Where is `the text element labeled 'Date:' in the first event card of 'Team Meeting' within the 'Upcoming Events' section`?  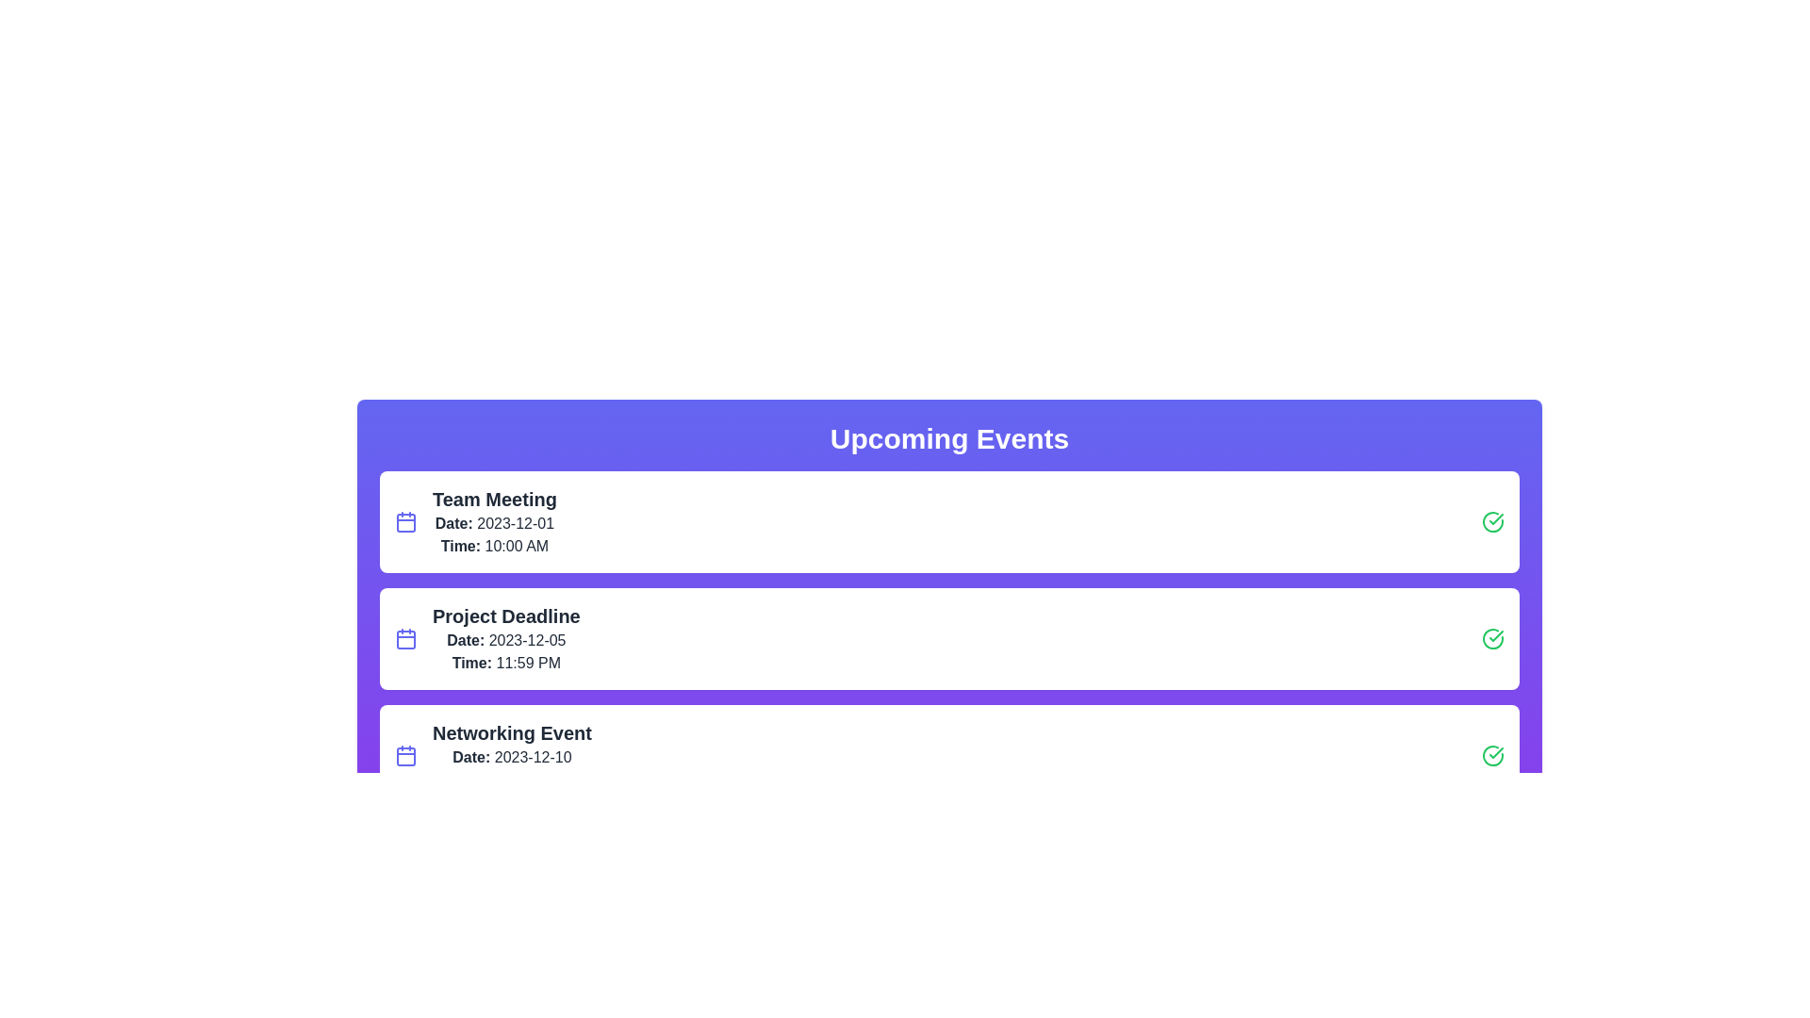 the text element labeled 'Date:' in the first event card of 'Team Meeting' within the 'Upcoming Events' section is located at coordinates (453, 523).